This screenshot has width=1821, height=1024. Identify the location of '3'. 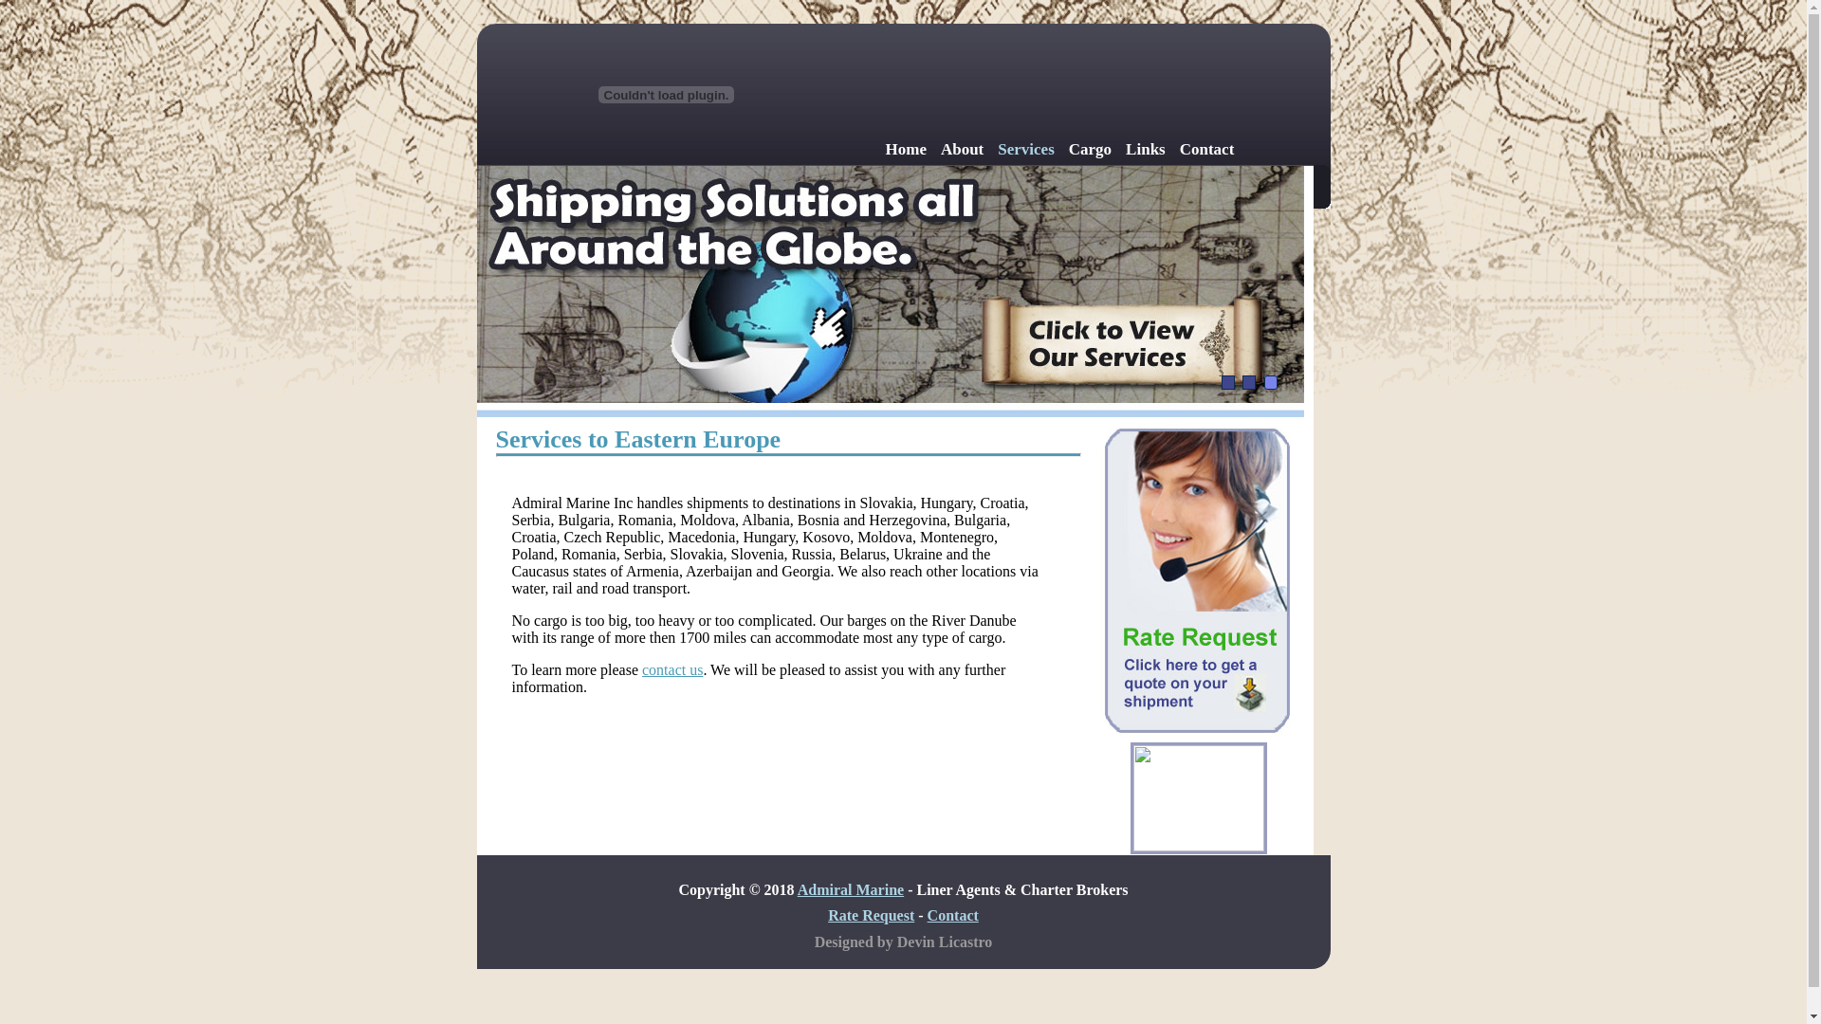
(1270, 382).